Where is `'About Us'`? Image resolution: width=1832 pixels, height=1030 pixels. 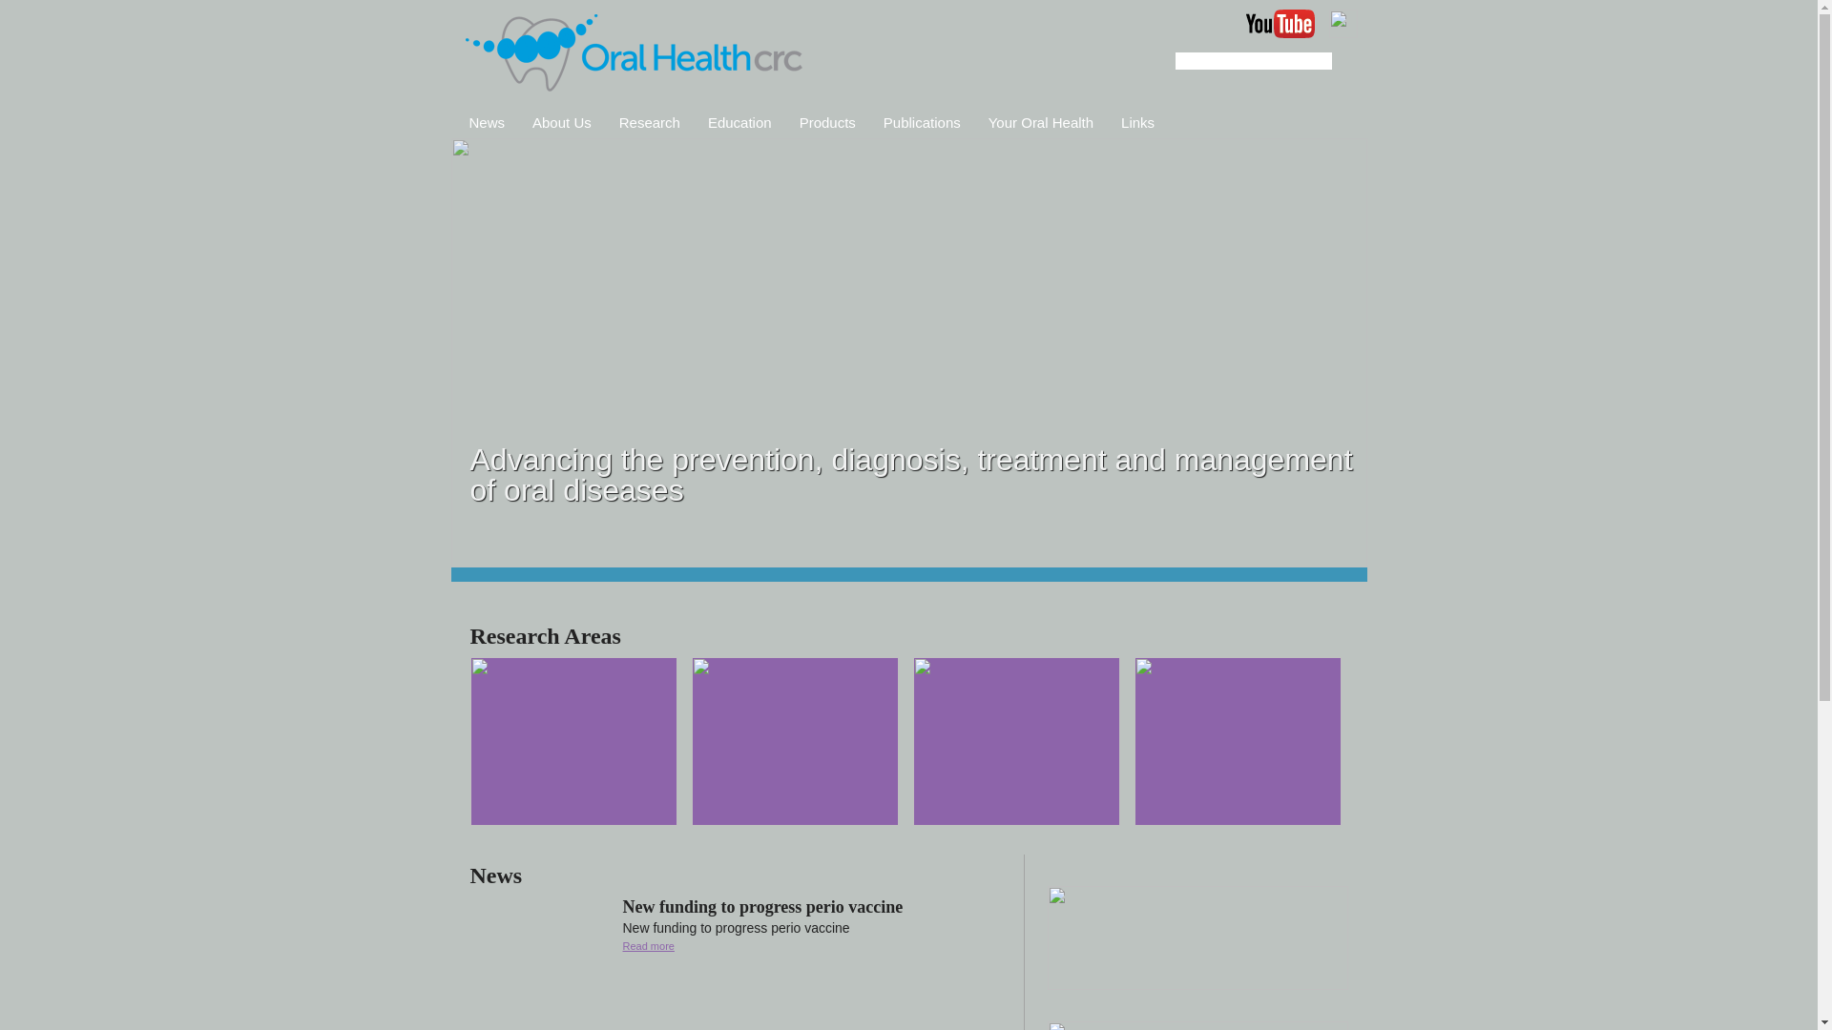 'About Us' is located at coordinates (561, 121).